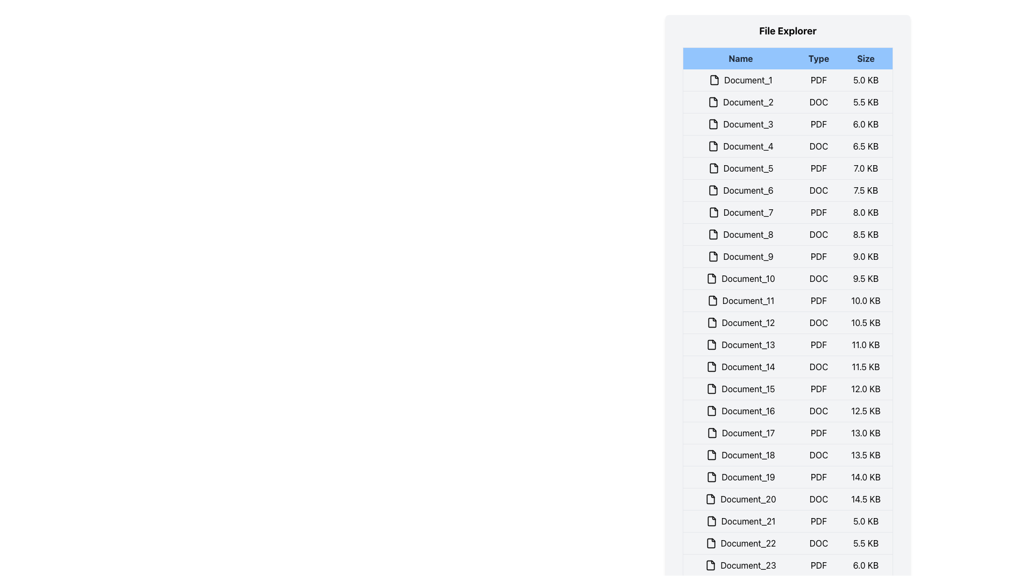  What do you see at coordinates (713, 124) in the screenshot?
I see `the SVG icon representing 'Document_3' in the file explorer, which is positioned to the left of the text label` at bounding box center [713, 124].